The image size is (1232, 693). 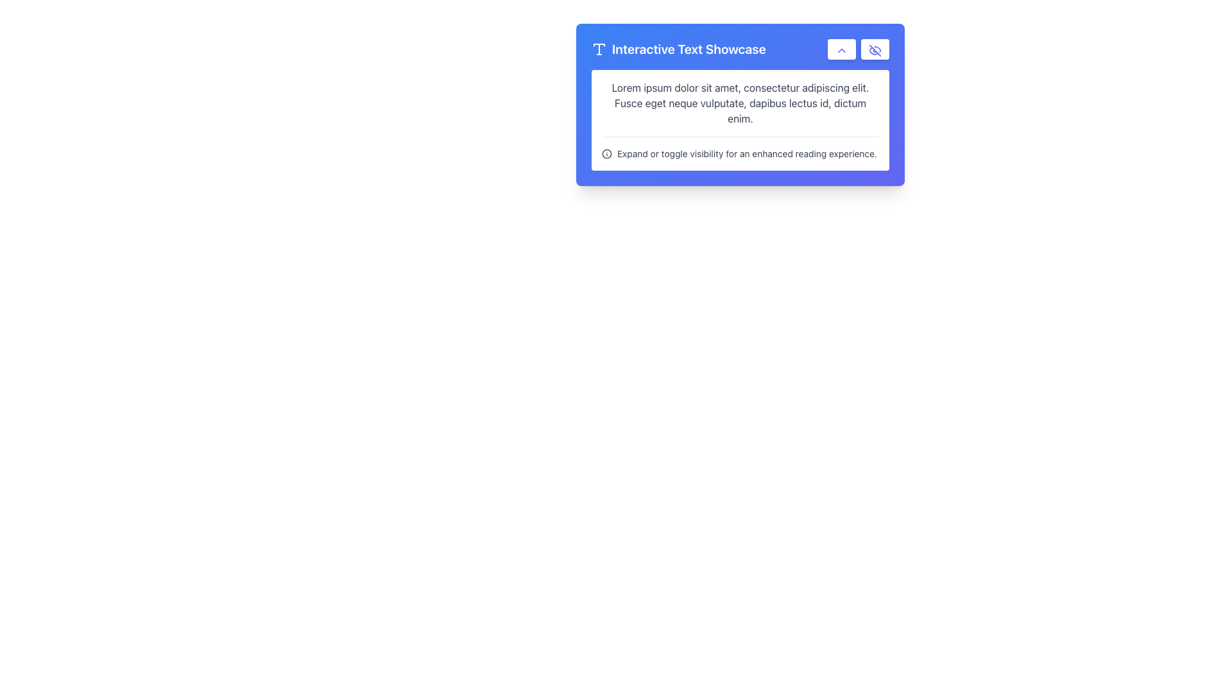 What do you see at coordinates (678, 49) in the screenshot?
I see `the 'Interactive Text Showcase' label, which serves as a title in the header of the interface, aligned with an SVG icon and interactive buttons` at bounding box center [678, 49].